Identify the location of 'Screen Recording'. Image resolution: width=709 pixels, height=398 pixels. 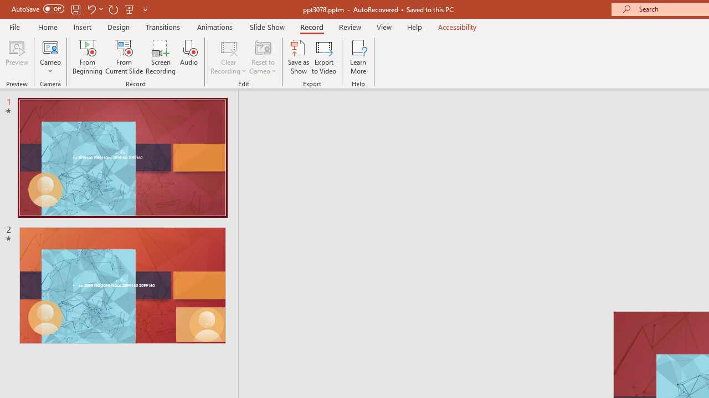
(160, 57).